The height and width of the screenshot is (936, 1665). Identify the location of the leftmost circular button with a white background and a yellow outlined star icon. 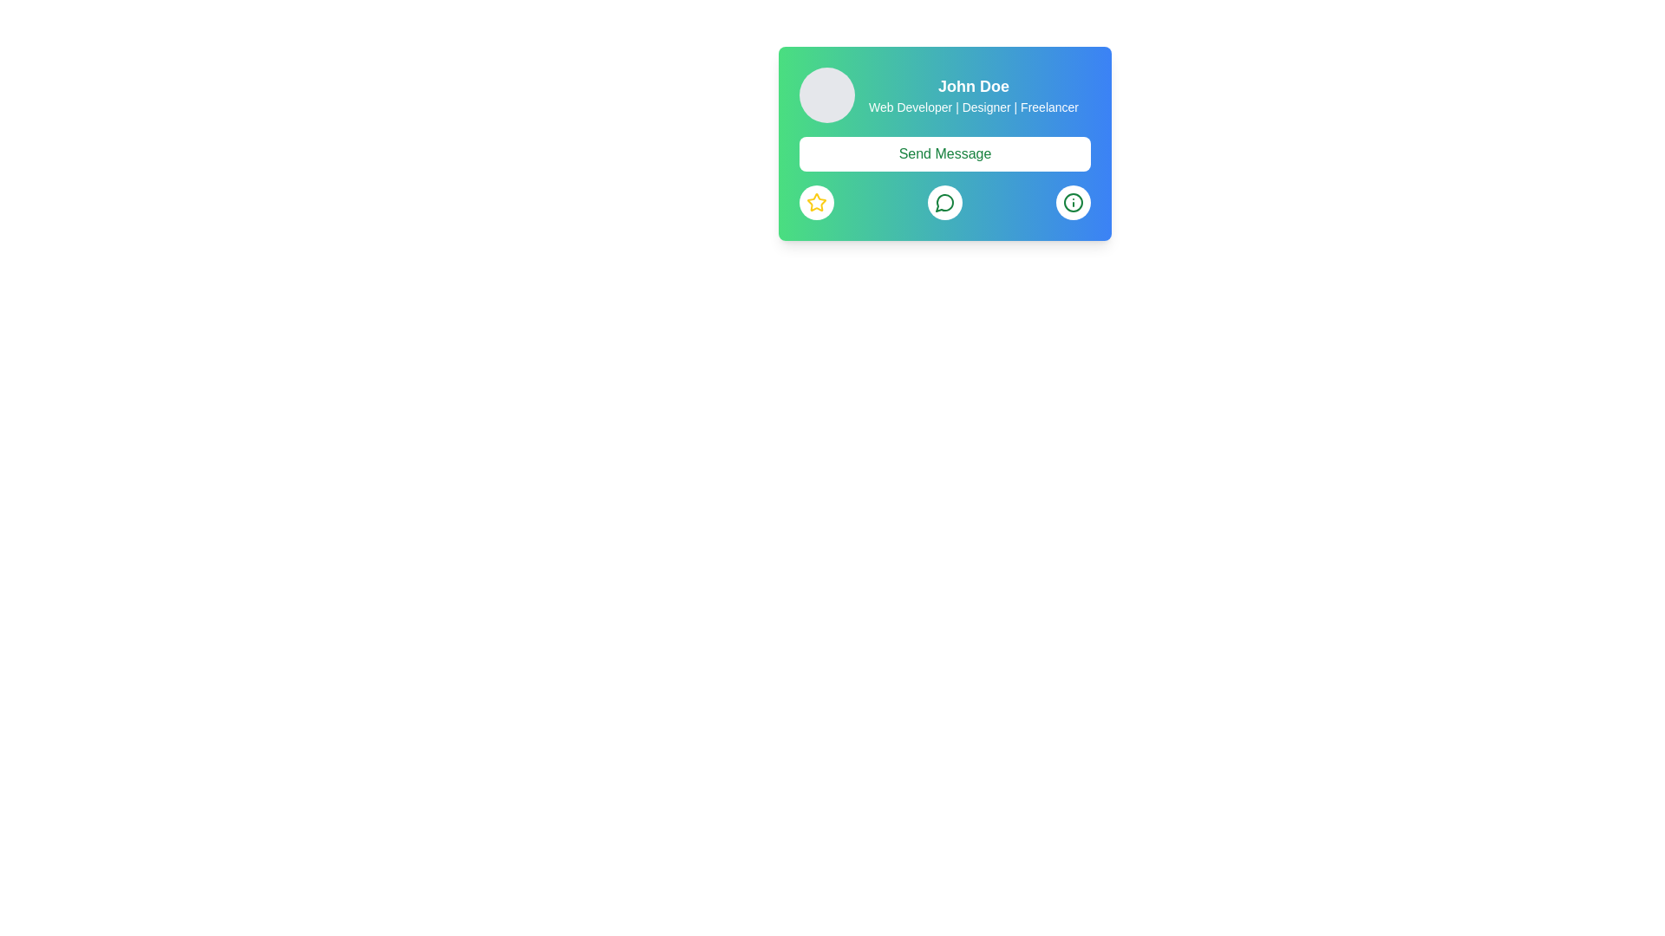
(815, 202).